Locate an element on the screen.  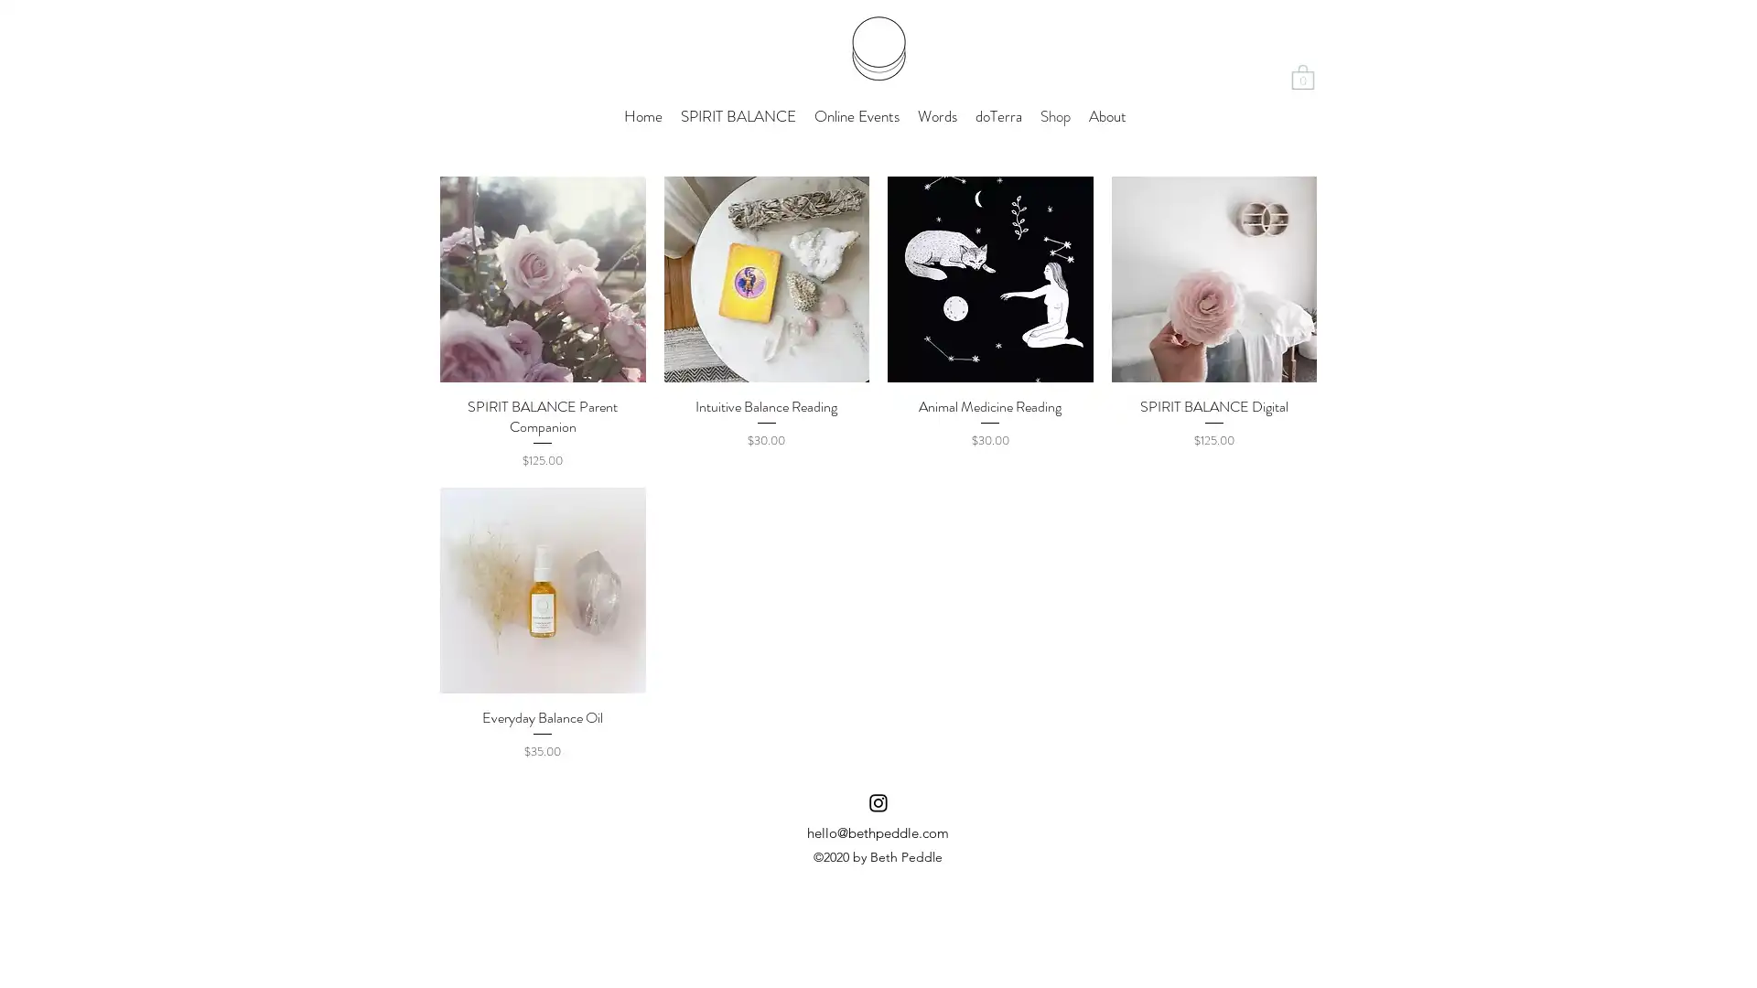
Cart with 0 items is located at coordinates (1302, 75).